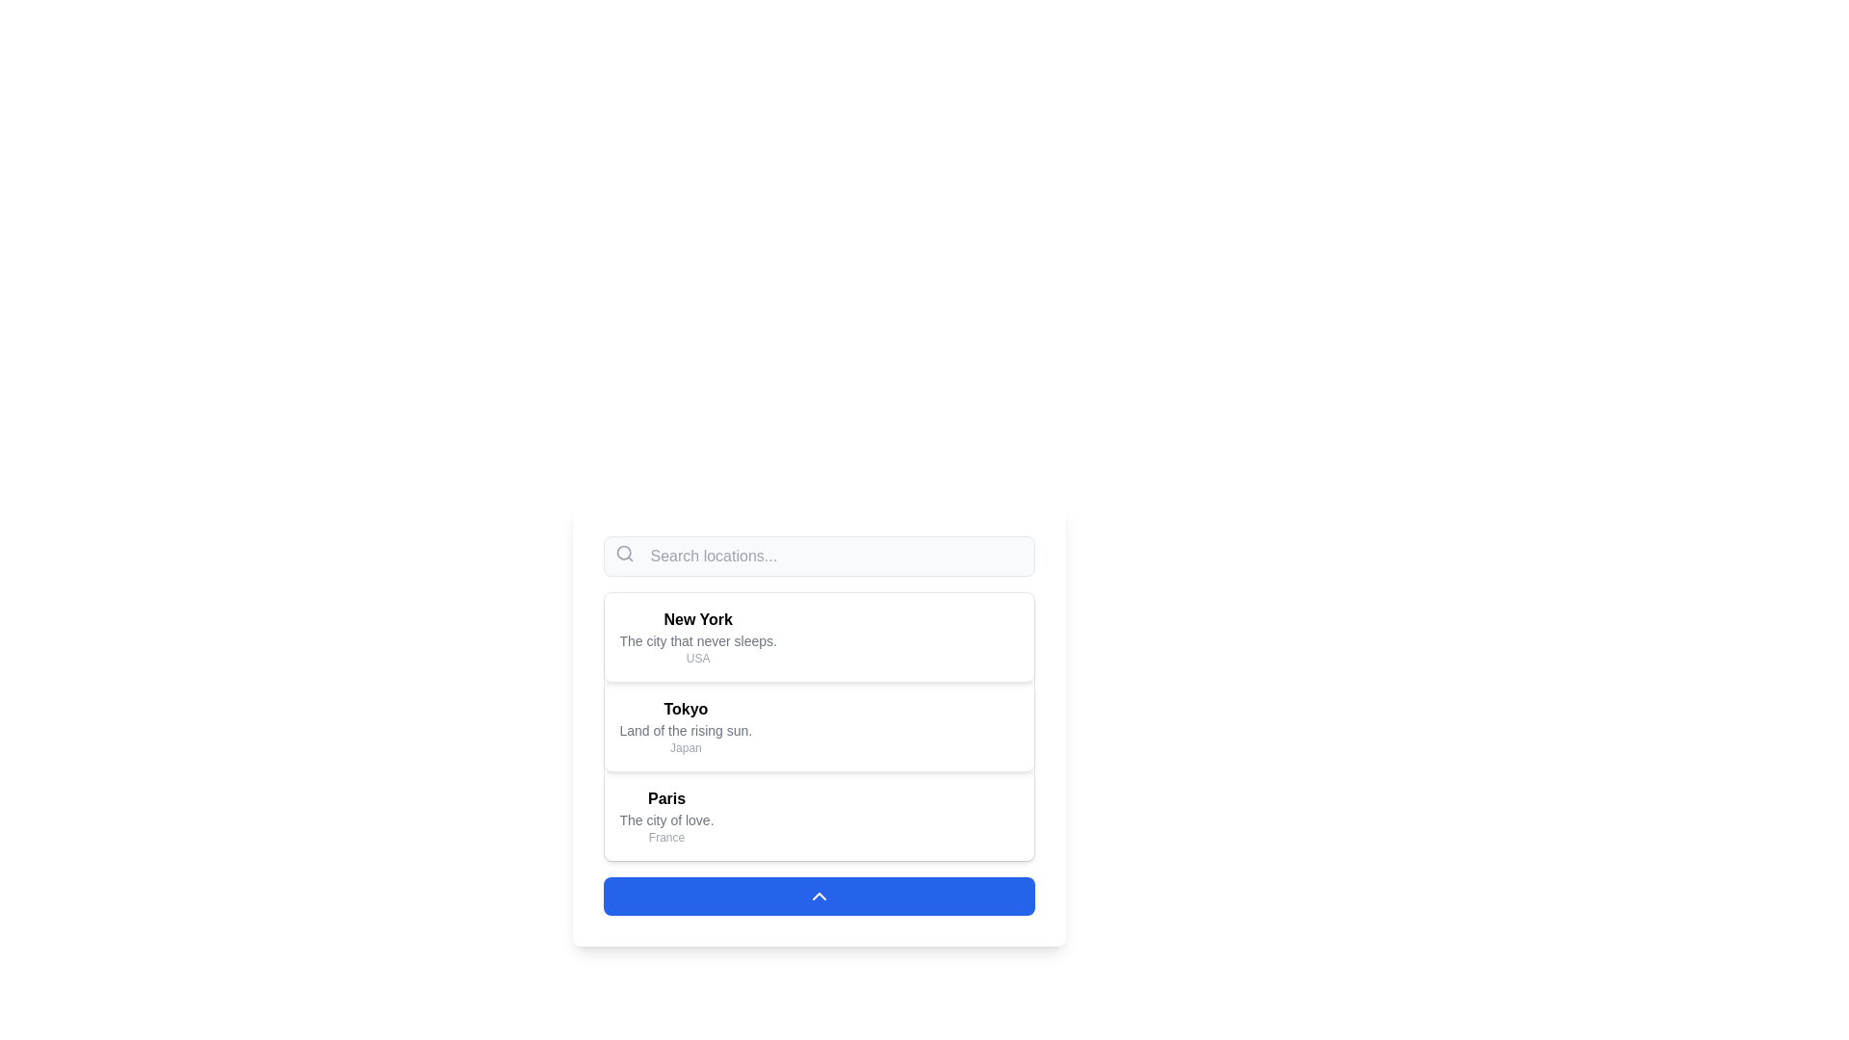 This screenshot has width=1849, height=1040. What do you see at coordinates (819, 816) in the screenshot?
I see `the informational card representing the city Paris, which is the third card in a vertical list below New York and Tokyo` at bounding box center [819, 816].